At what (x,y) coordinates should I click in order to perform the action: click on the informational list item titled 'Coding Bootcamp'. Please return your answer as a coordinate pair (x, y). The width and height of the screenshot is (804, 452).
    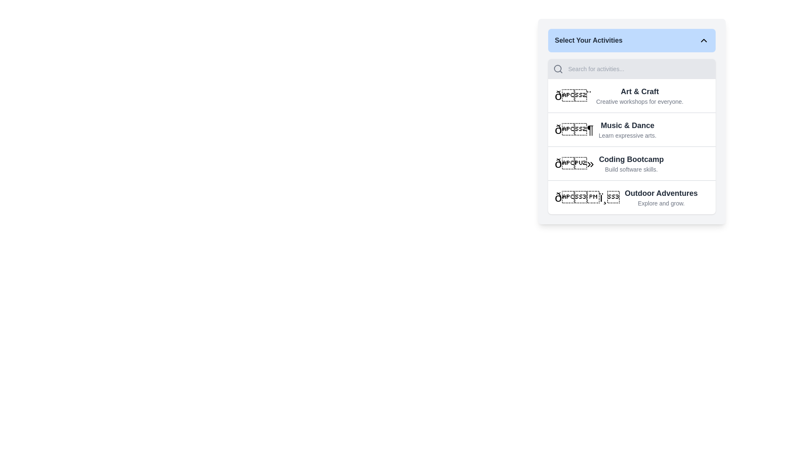
    Looking at the image, I should click on (631, 163).